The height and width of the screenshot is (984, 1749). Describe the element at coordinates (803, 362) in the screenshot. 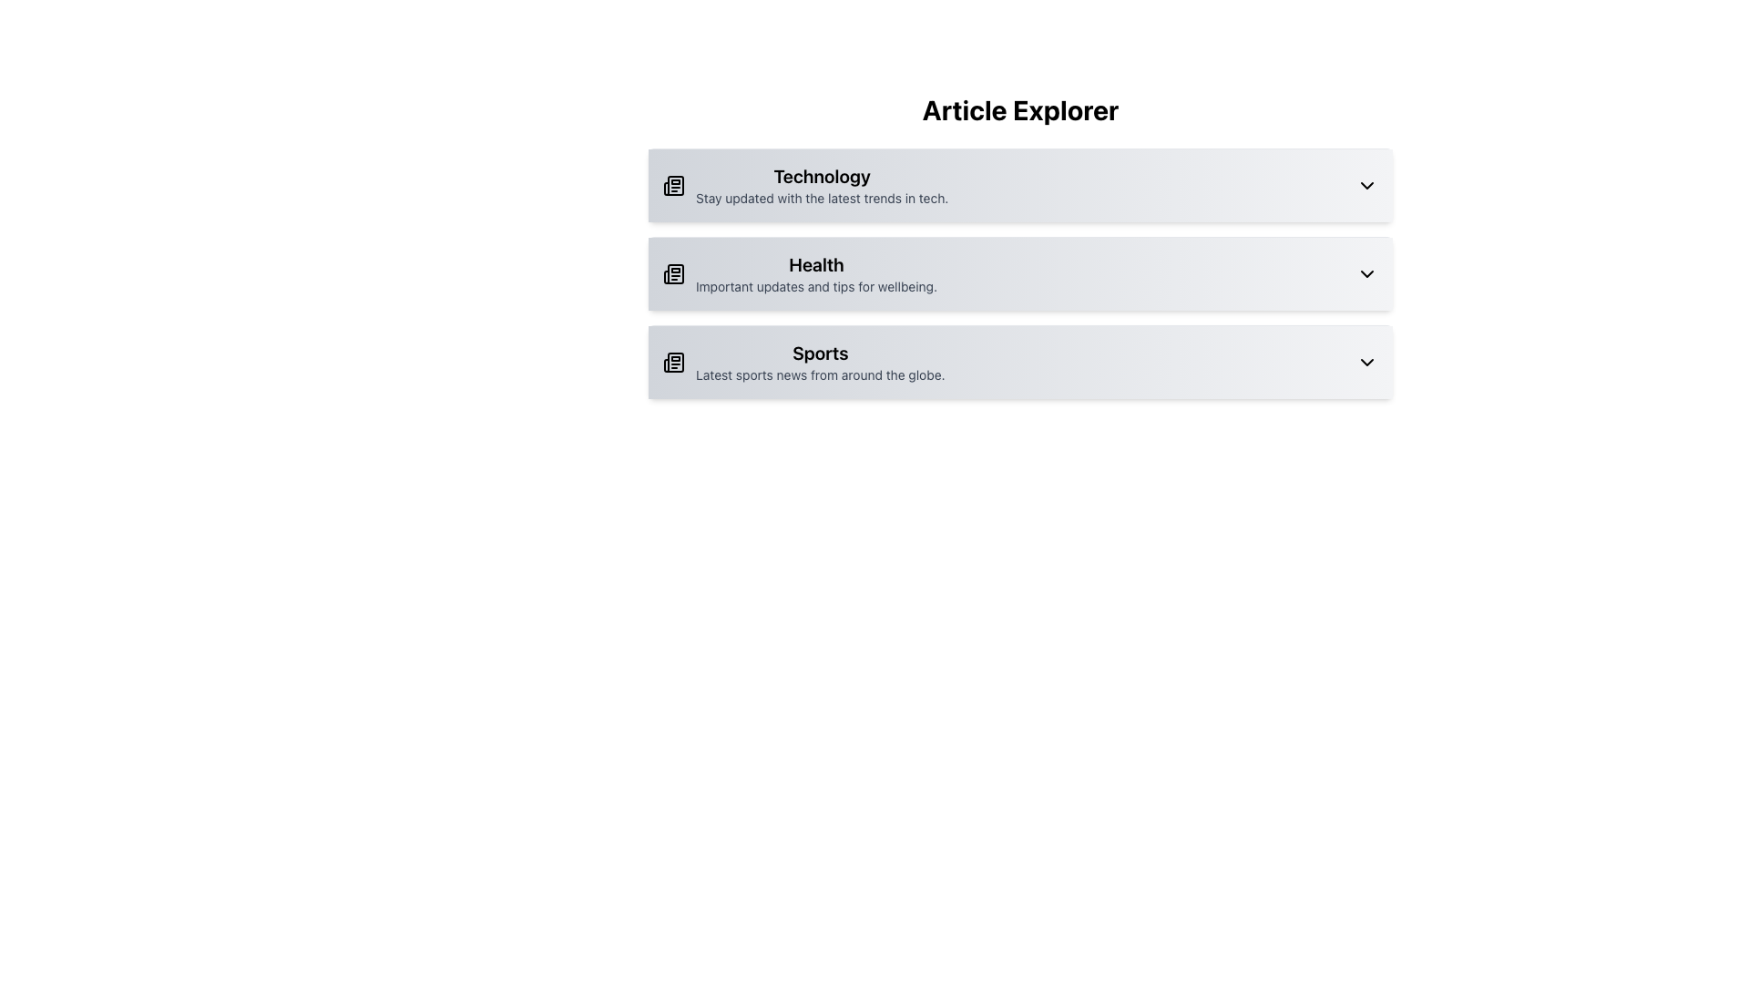

I see `third item in the vertically aligned navigational list that provides access to the 'Sports' section, located centrally below the 'Health' entry` at that location.